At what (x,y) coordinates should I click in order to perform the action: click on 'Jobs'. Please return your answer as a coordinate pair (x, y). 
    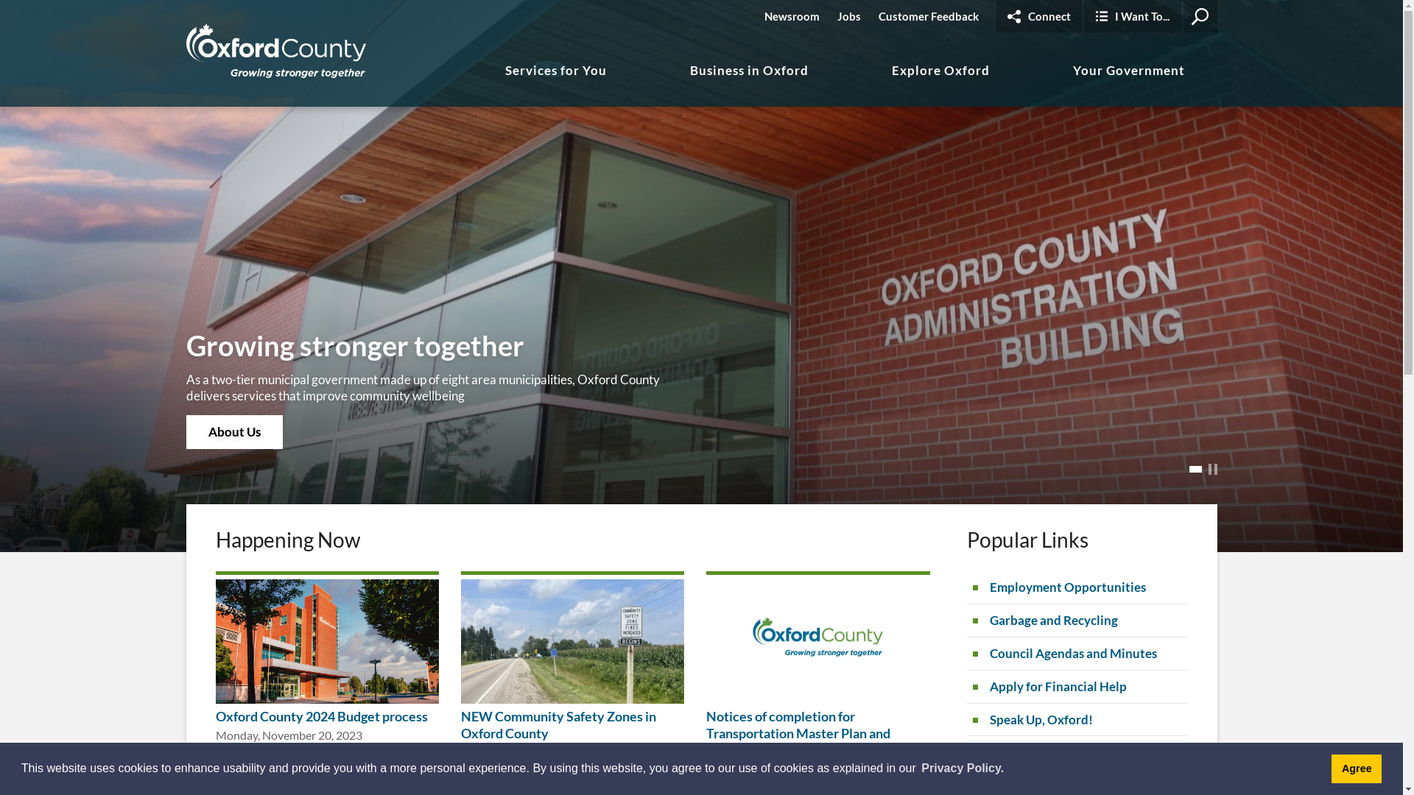
    Looking at the image, I should click on (848, 16).